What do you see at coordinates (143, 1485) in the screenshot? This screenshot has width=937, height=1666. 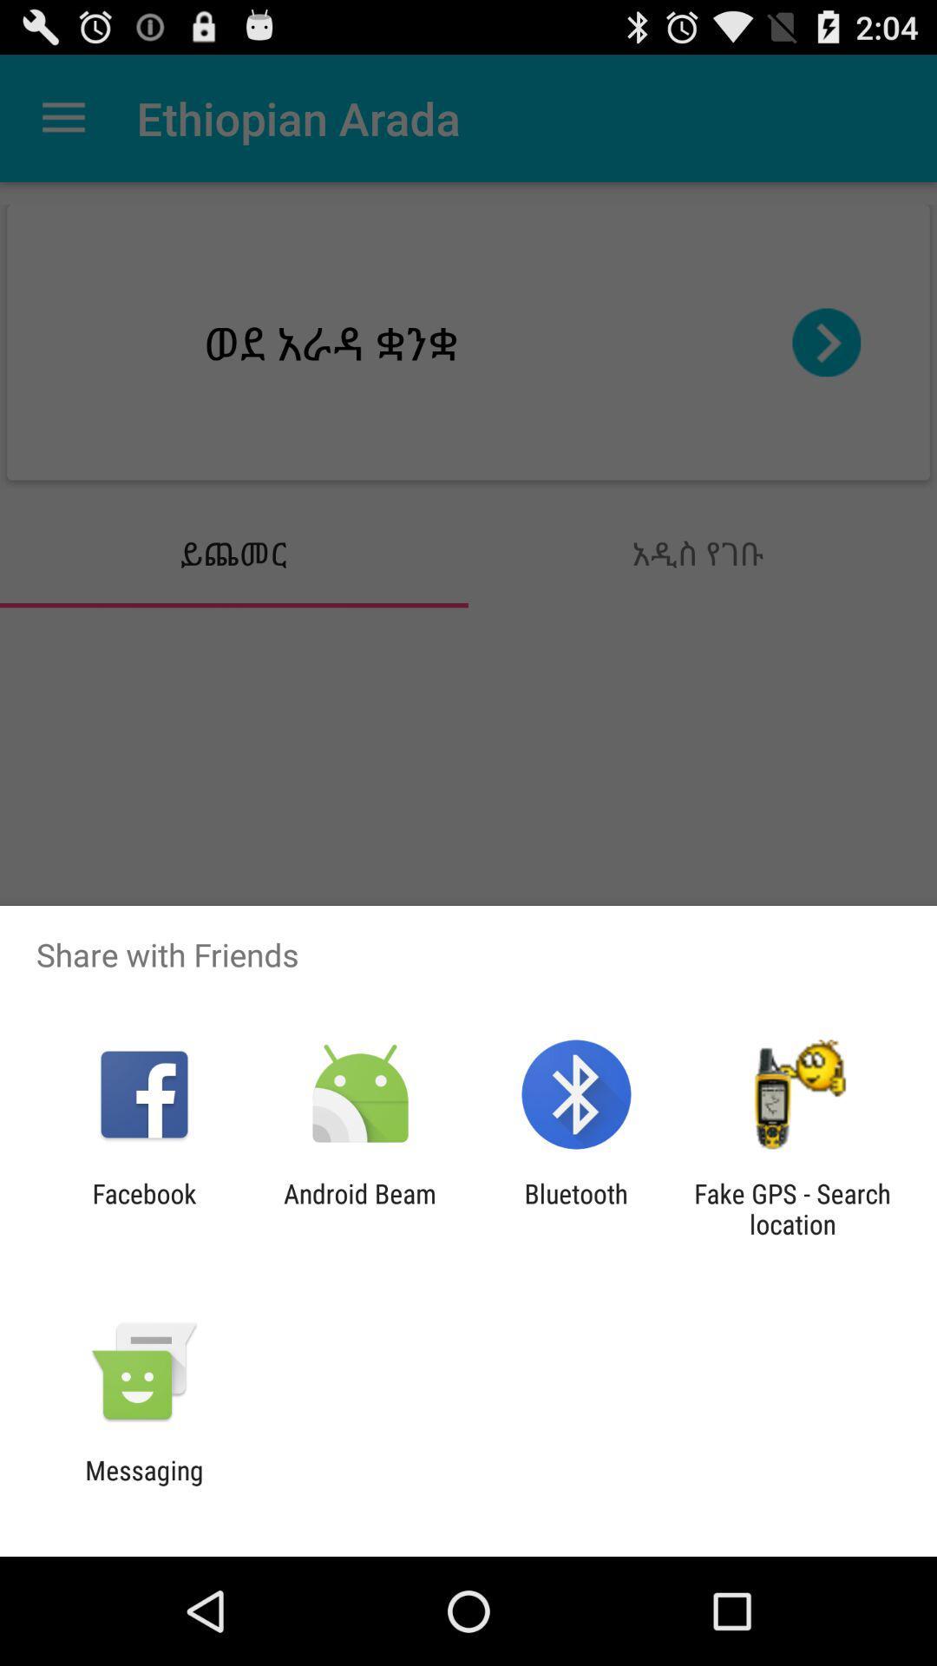 I see `messaging app` at bounding box center [143, 1485].